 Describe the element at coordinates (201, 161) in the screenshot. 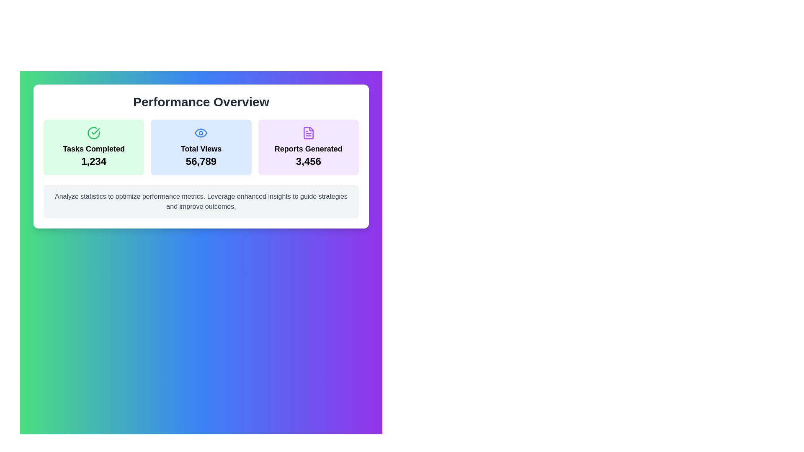

I see `the Text display showing the total number of views, located at the bottom-center of the blue card labeled 'Total Views'` at that location.